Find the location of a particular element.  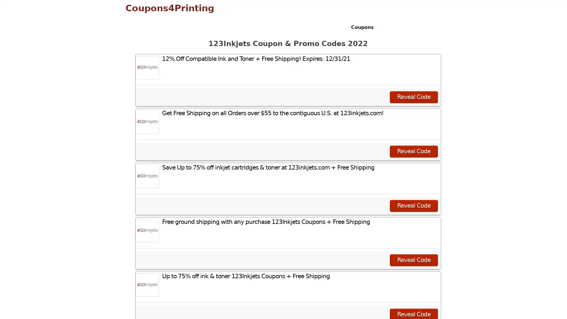

Reveal Code is located at coordinates (413, 96).